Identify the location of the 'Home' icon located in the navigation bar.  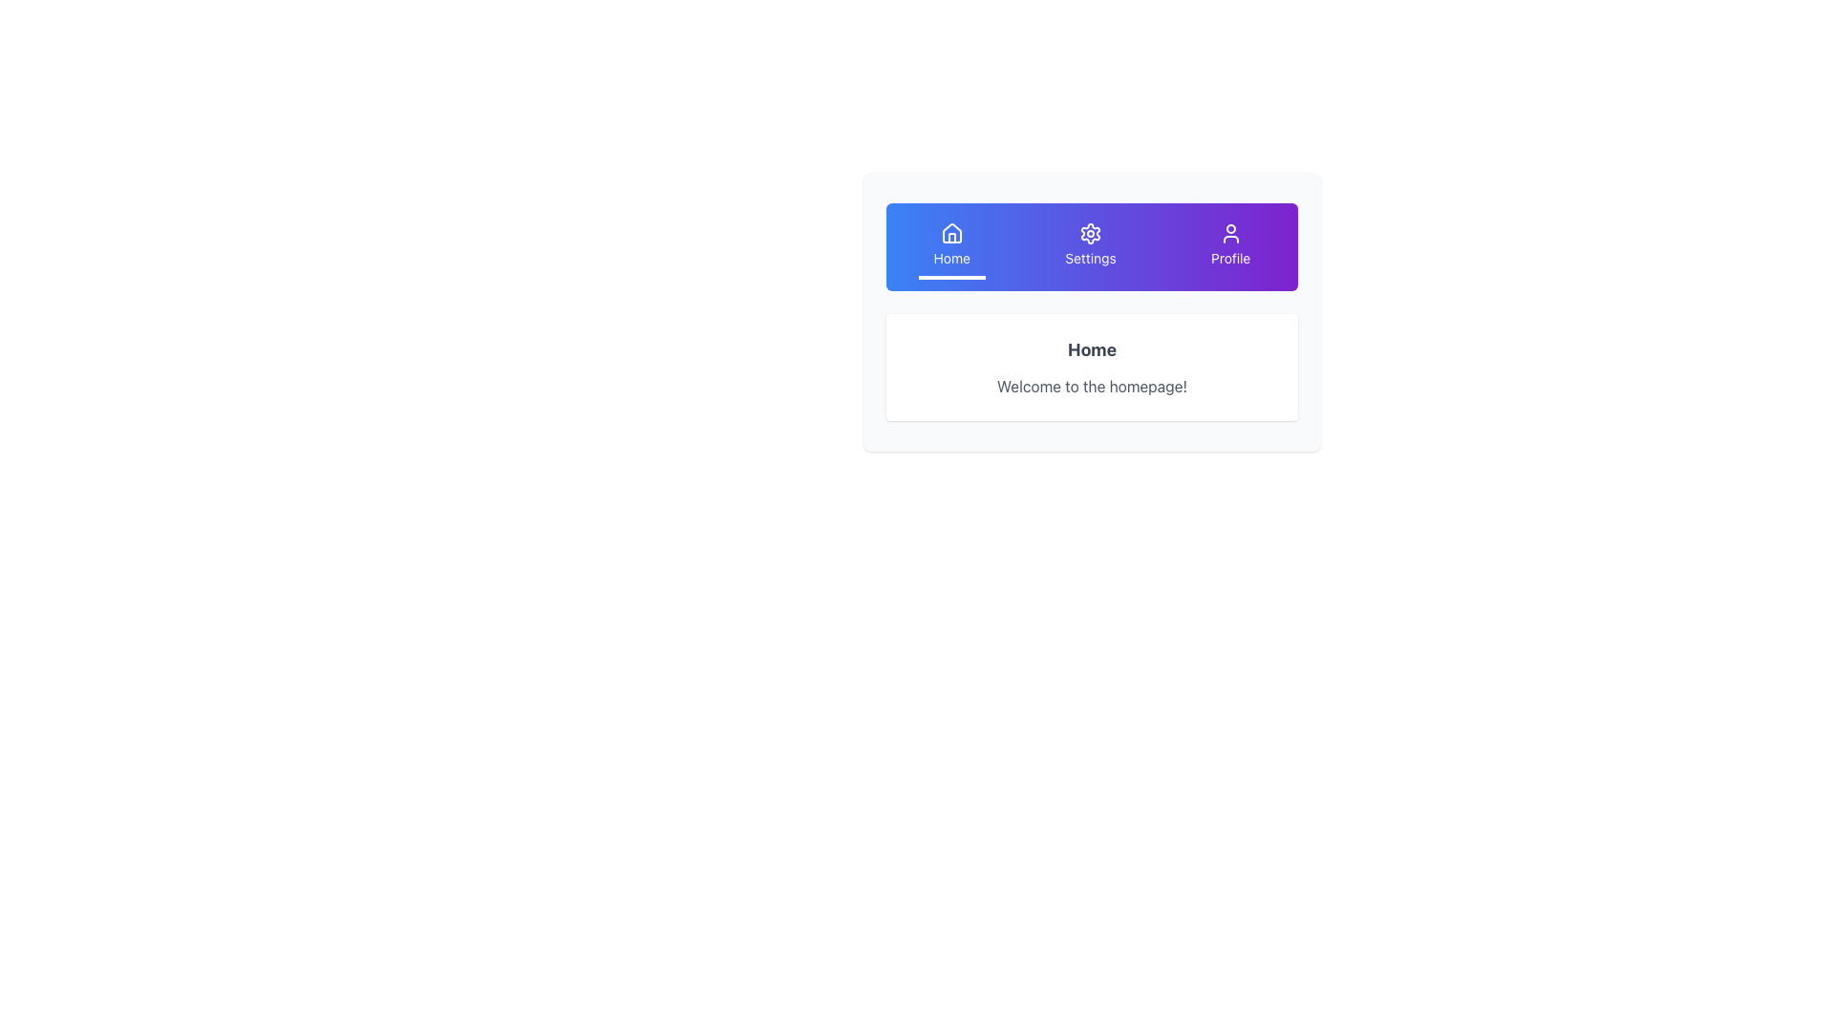
(951, 233).